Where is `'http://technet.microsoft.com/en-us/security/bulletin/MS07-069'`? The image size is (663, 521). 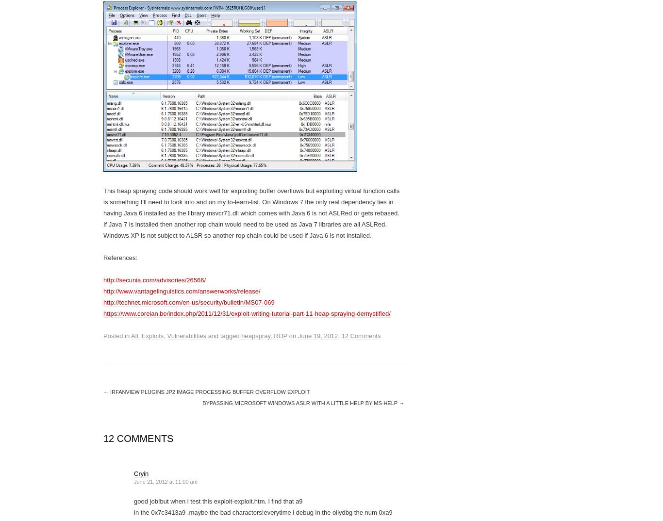 'http://technet.microsoft.com/en-us/security/bulletin/MS07-069' is located at coordinates (188, 302).